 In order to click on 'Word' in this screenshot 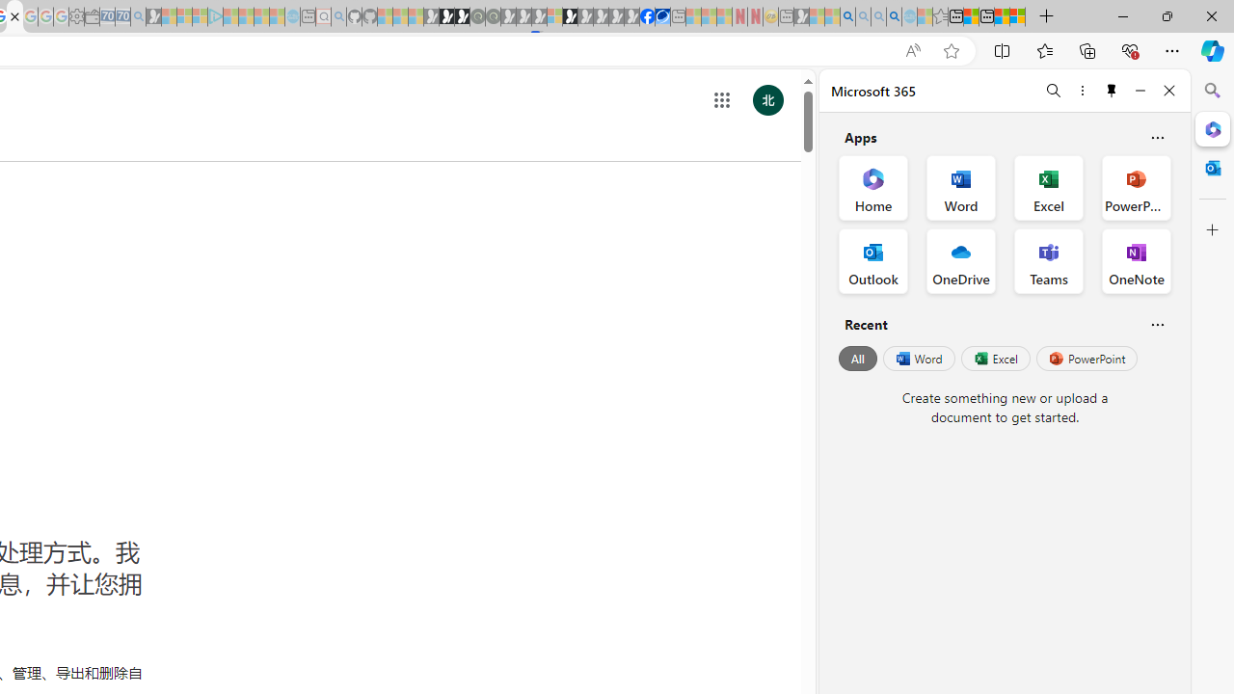, I will do `click(917, 359)`.